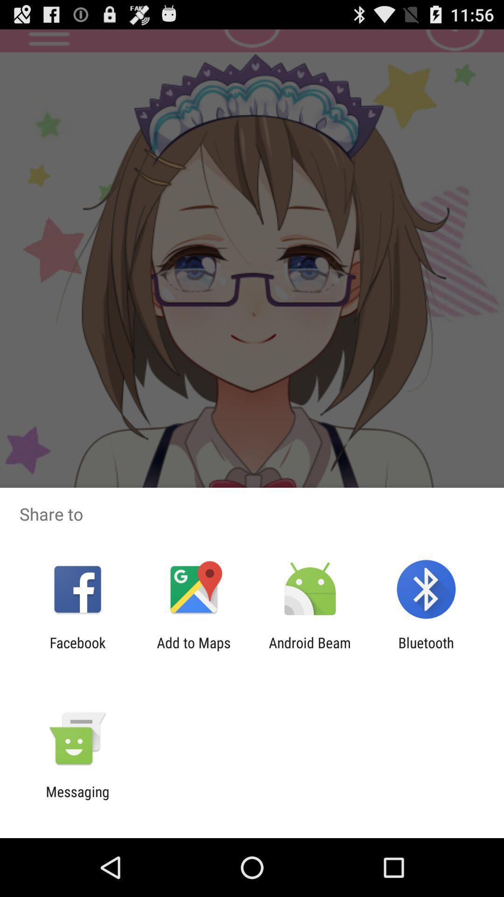  I want to click on the app to the left of android beam app, so click(193, 650).